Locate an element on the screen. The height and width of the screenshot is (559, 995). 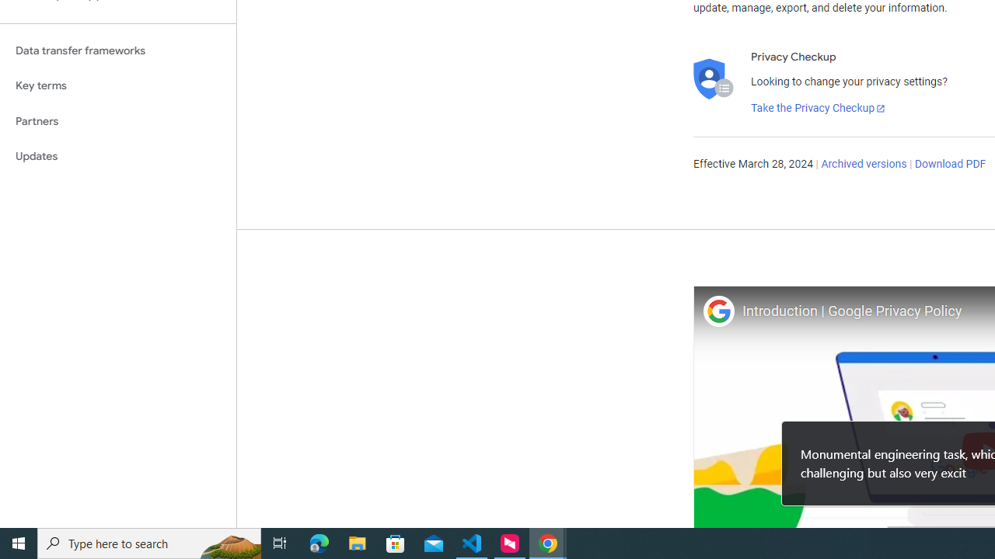
'Take the Privacy Checkup' is located at coordinates (818, 108).